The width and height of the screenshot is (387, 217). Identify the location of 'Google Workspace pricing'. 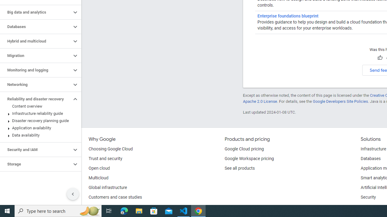
(249, 159).